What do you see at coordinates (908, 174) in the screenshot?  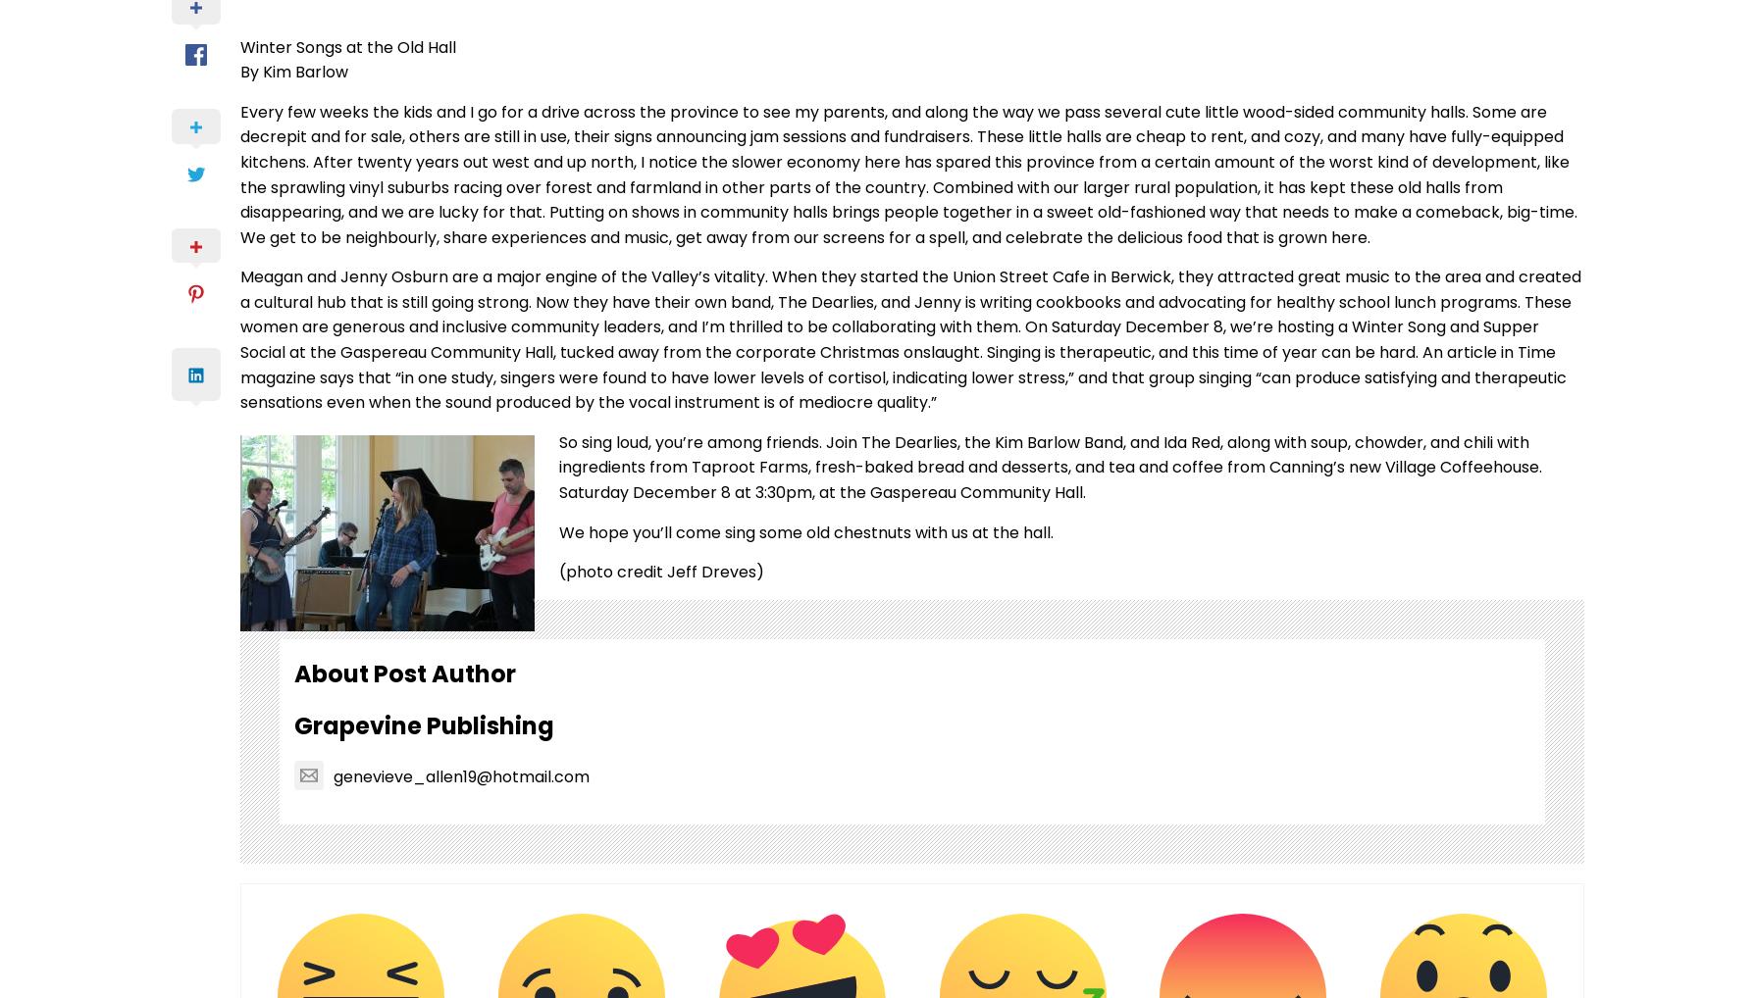 I see `'Every few weeks the kids and I go for a drive across the province to see my parents, and along the way we pass several cute little wood-sided community halls. Some are decrepit and for sale, others are still in use, their signs announcing jam sessions and fundraisers. These little halls are cheap to rent, and cozy, and many have fully-equipped kitchens. After twenty years out west and up north, I notice the slower economy here has spared this province from a certain amount of the worst kind of development, like the sprawling vinyl suburbs racing over forest and farmland in other parts of the country. Combined with our larger rural population, it has kept these old halls from disappearing, and we are lucky for that. Putting on shows in community halls brings people together in a sweet old-fashioned way that needs to make a comeback, big-time. We get to be neighbourly, share experiences and music, get away from our screens for a spell, and celebrate the delicious food that is grown here.'` at bounding box center [908, 174].